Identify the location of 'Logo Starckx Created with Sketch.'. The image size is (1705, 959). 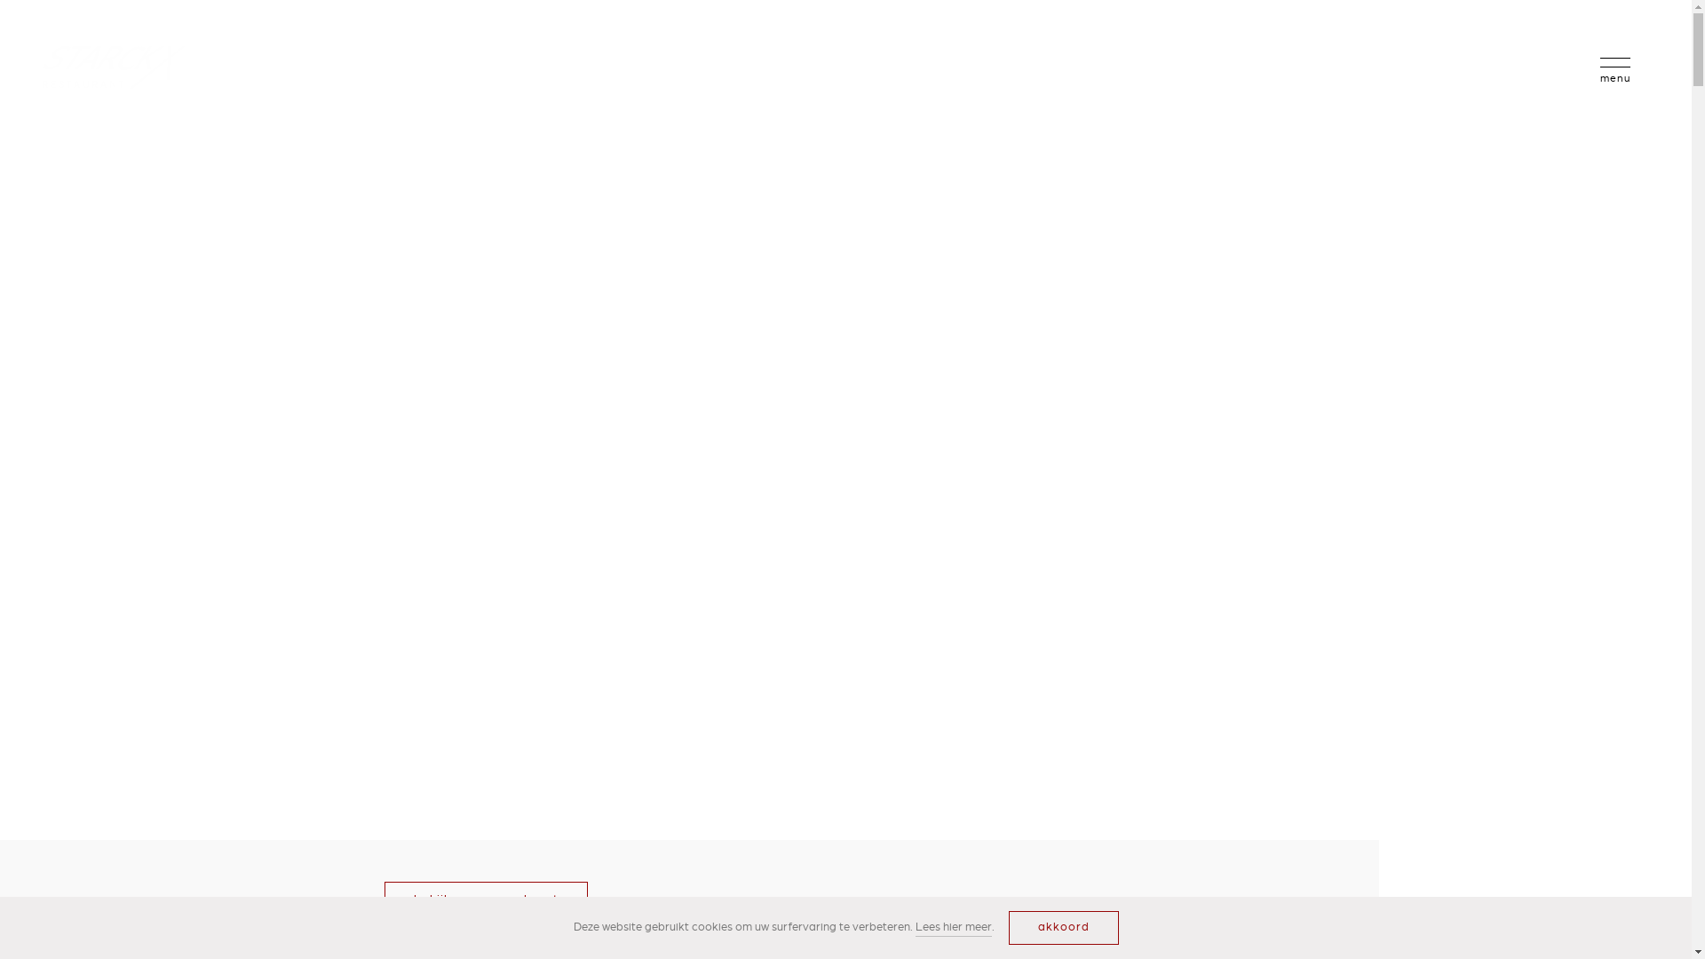
(113, 67).